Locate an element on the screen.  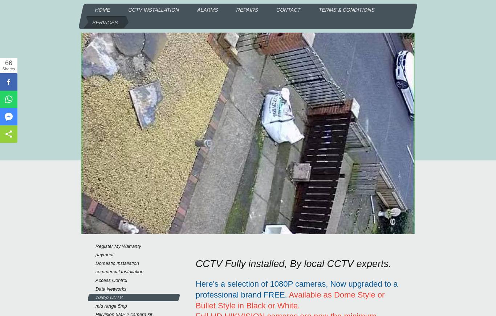
'Home' is located at coordinates (94, 9).